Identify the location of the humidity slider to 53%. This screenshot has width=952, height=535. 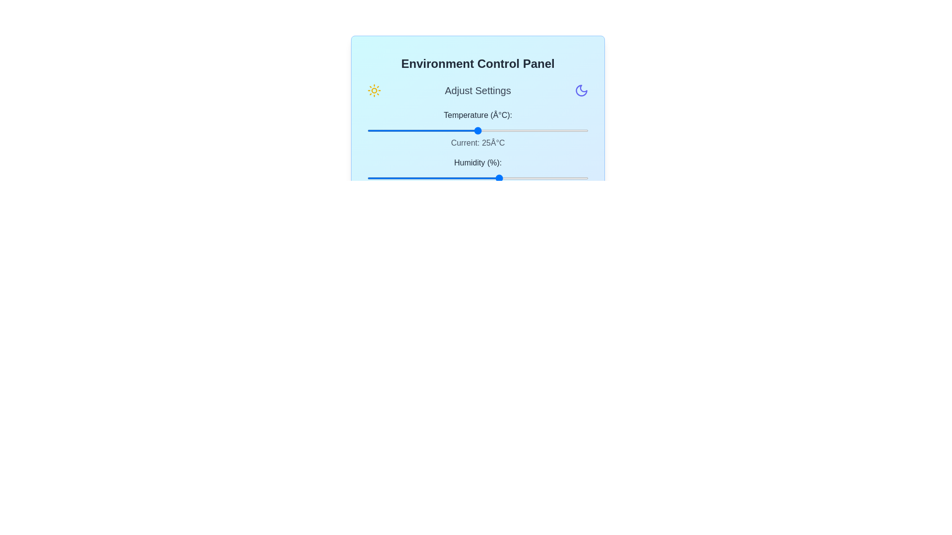
(484, 177).